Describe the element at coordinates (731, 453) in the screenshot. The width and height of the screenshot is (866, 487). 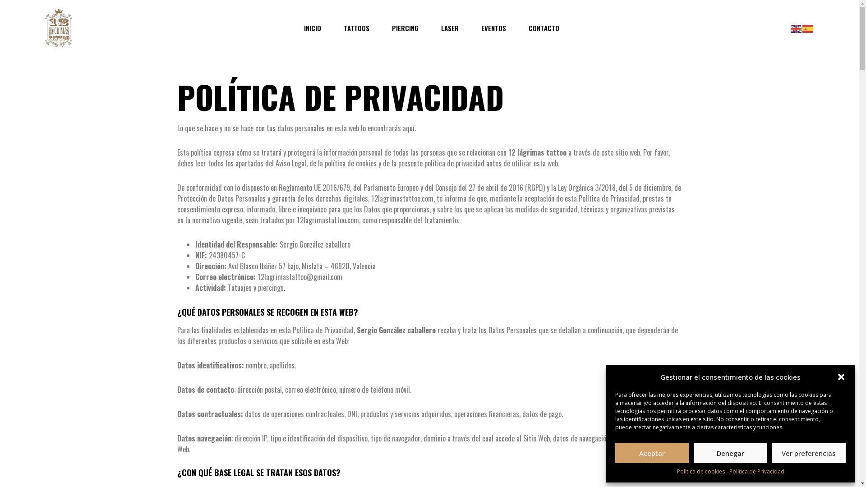
I see `'Denegar'` at that location.